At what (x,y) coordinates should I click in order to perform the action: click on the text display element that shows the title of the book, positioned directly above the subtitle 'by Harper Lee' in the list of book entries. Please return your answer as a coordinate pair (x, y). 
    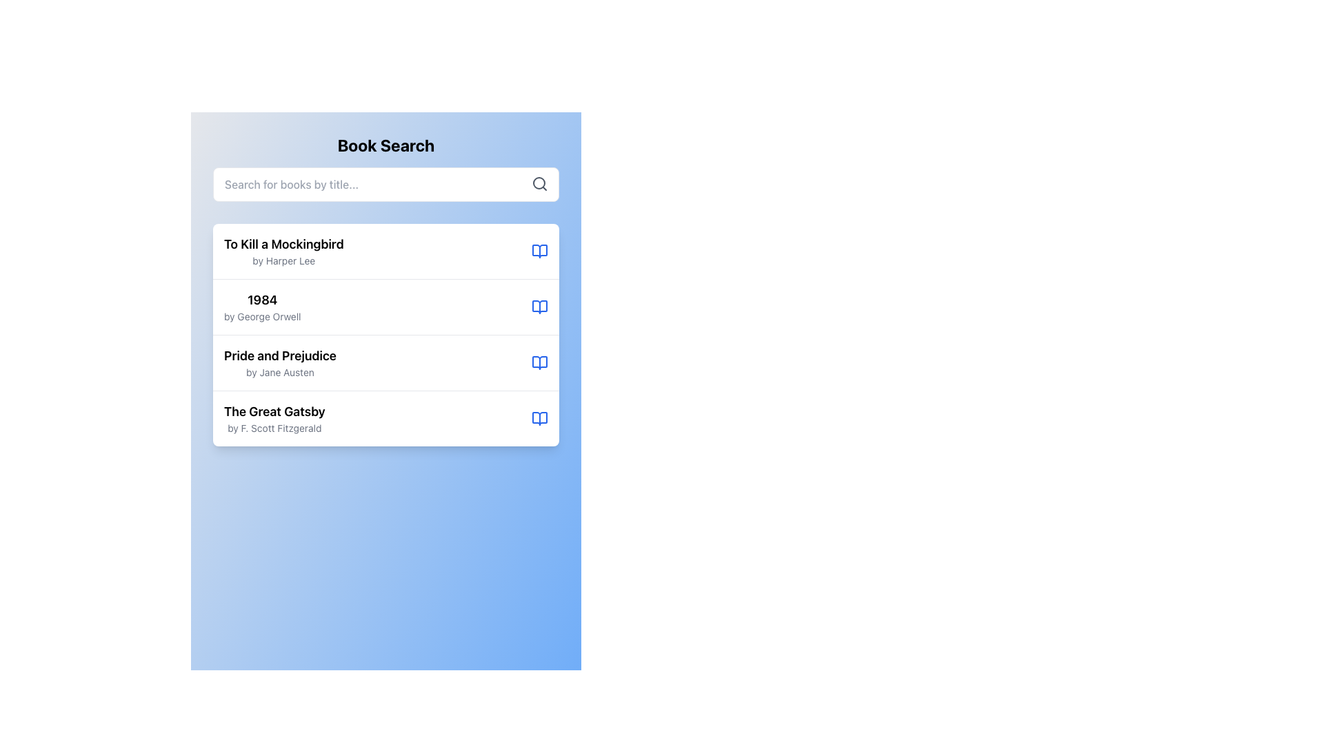
    Looking at the image, I should click on (283, 243).